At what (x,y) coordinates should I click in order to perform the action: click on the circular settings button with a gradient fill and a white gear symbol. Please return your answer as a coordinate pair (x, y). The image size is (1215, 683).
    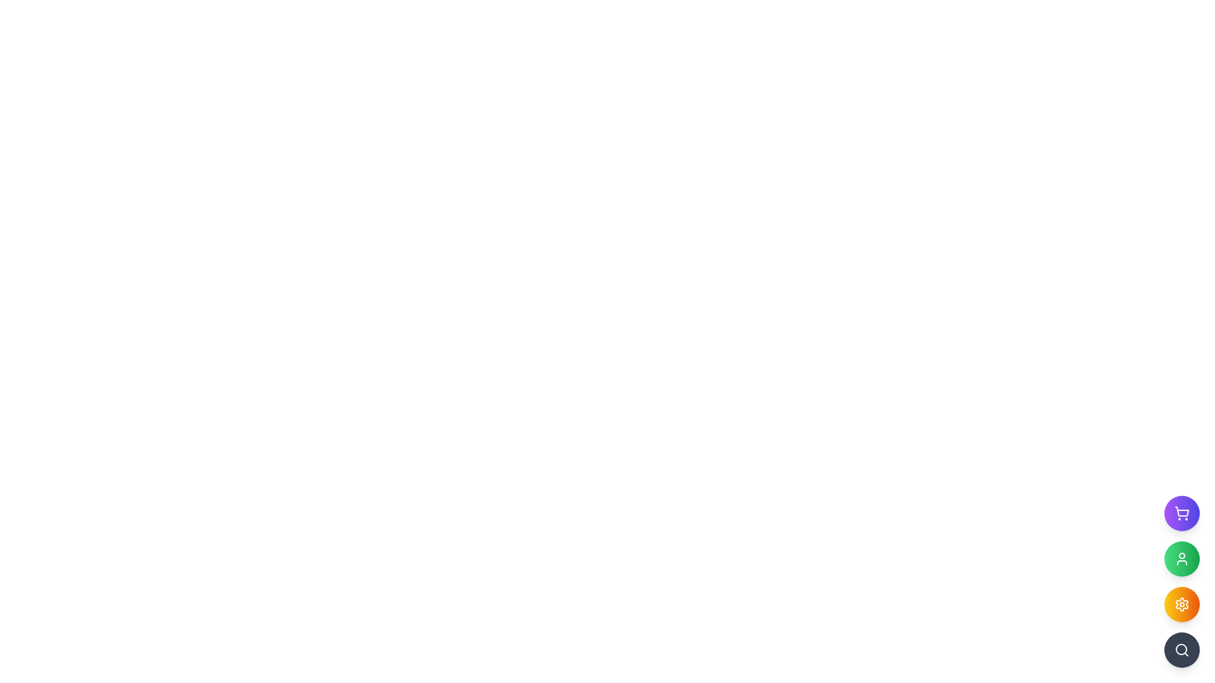
    Looking at the image, I should click on (1181, 604).